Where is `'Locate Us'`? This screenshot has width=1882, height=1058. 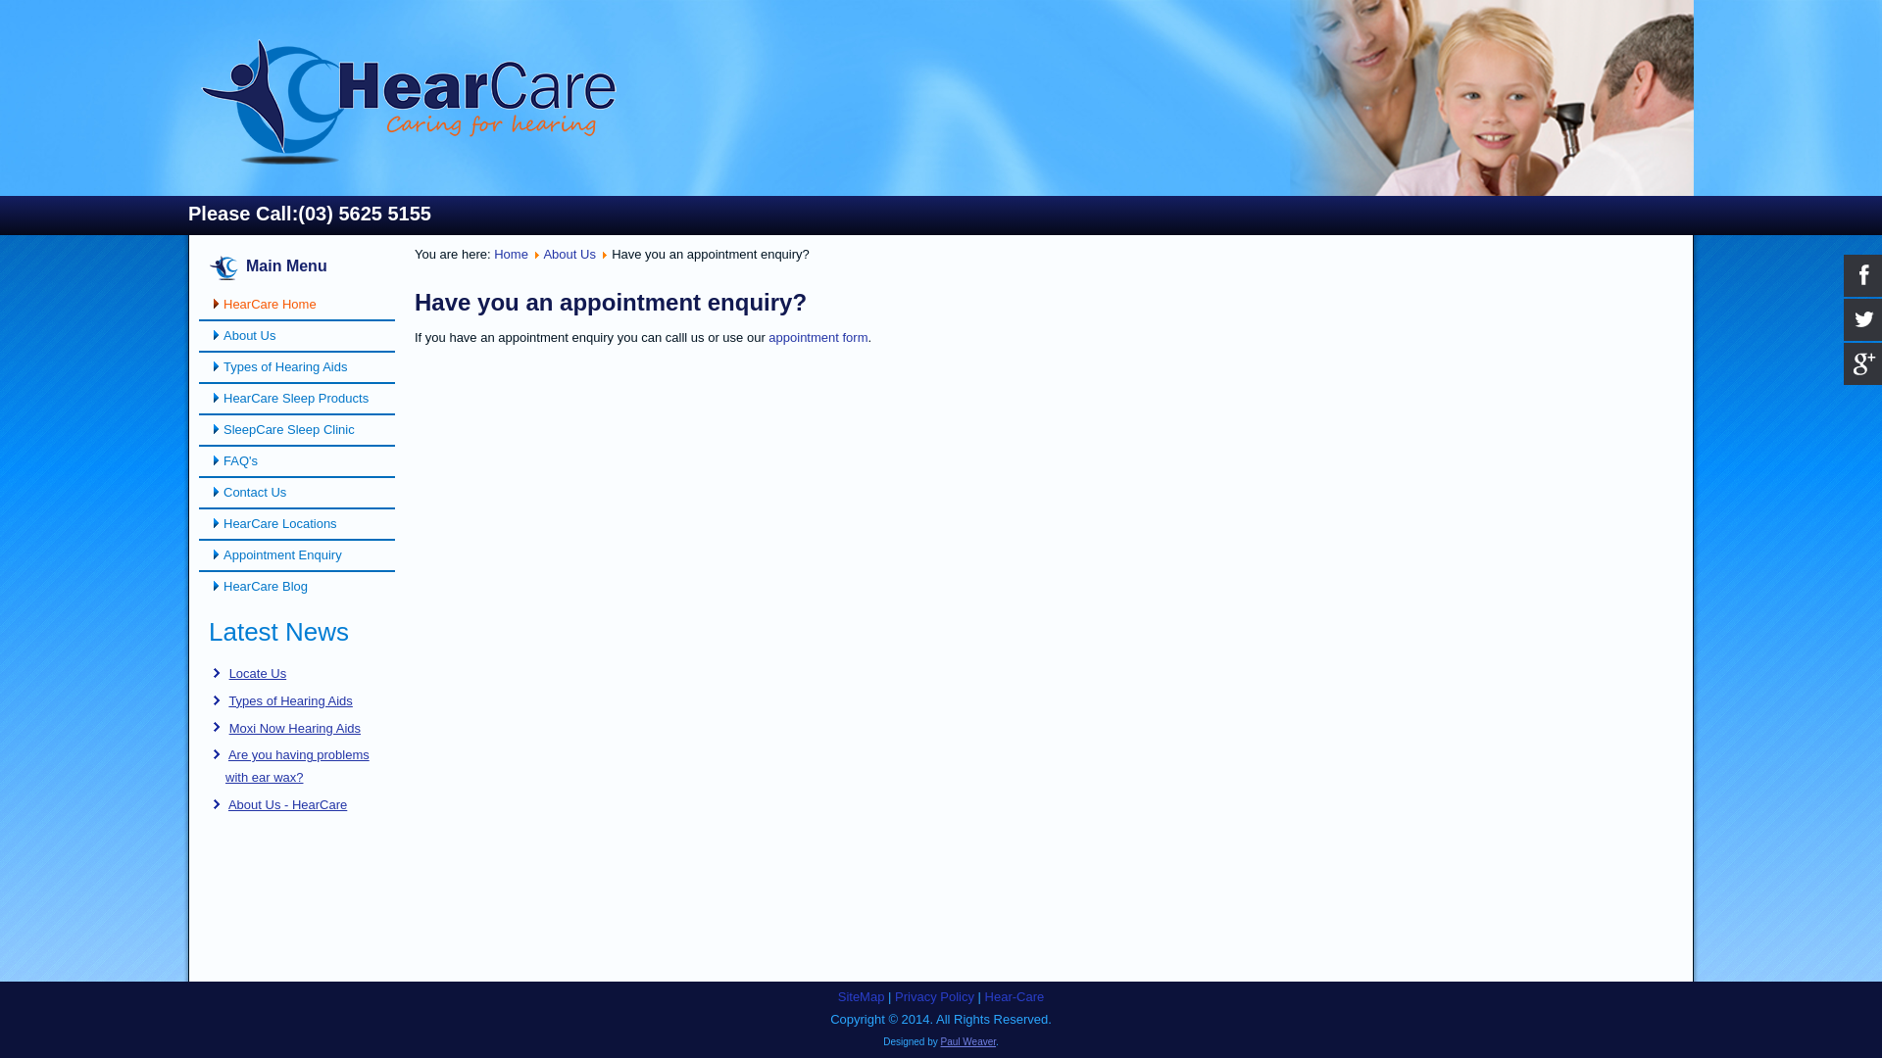
'Locate Us' is located at coordinates (257, 672).